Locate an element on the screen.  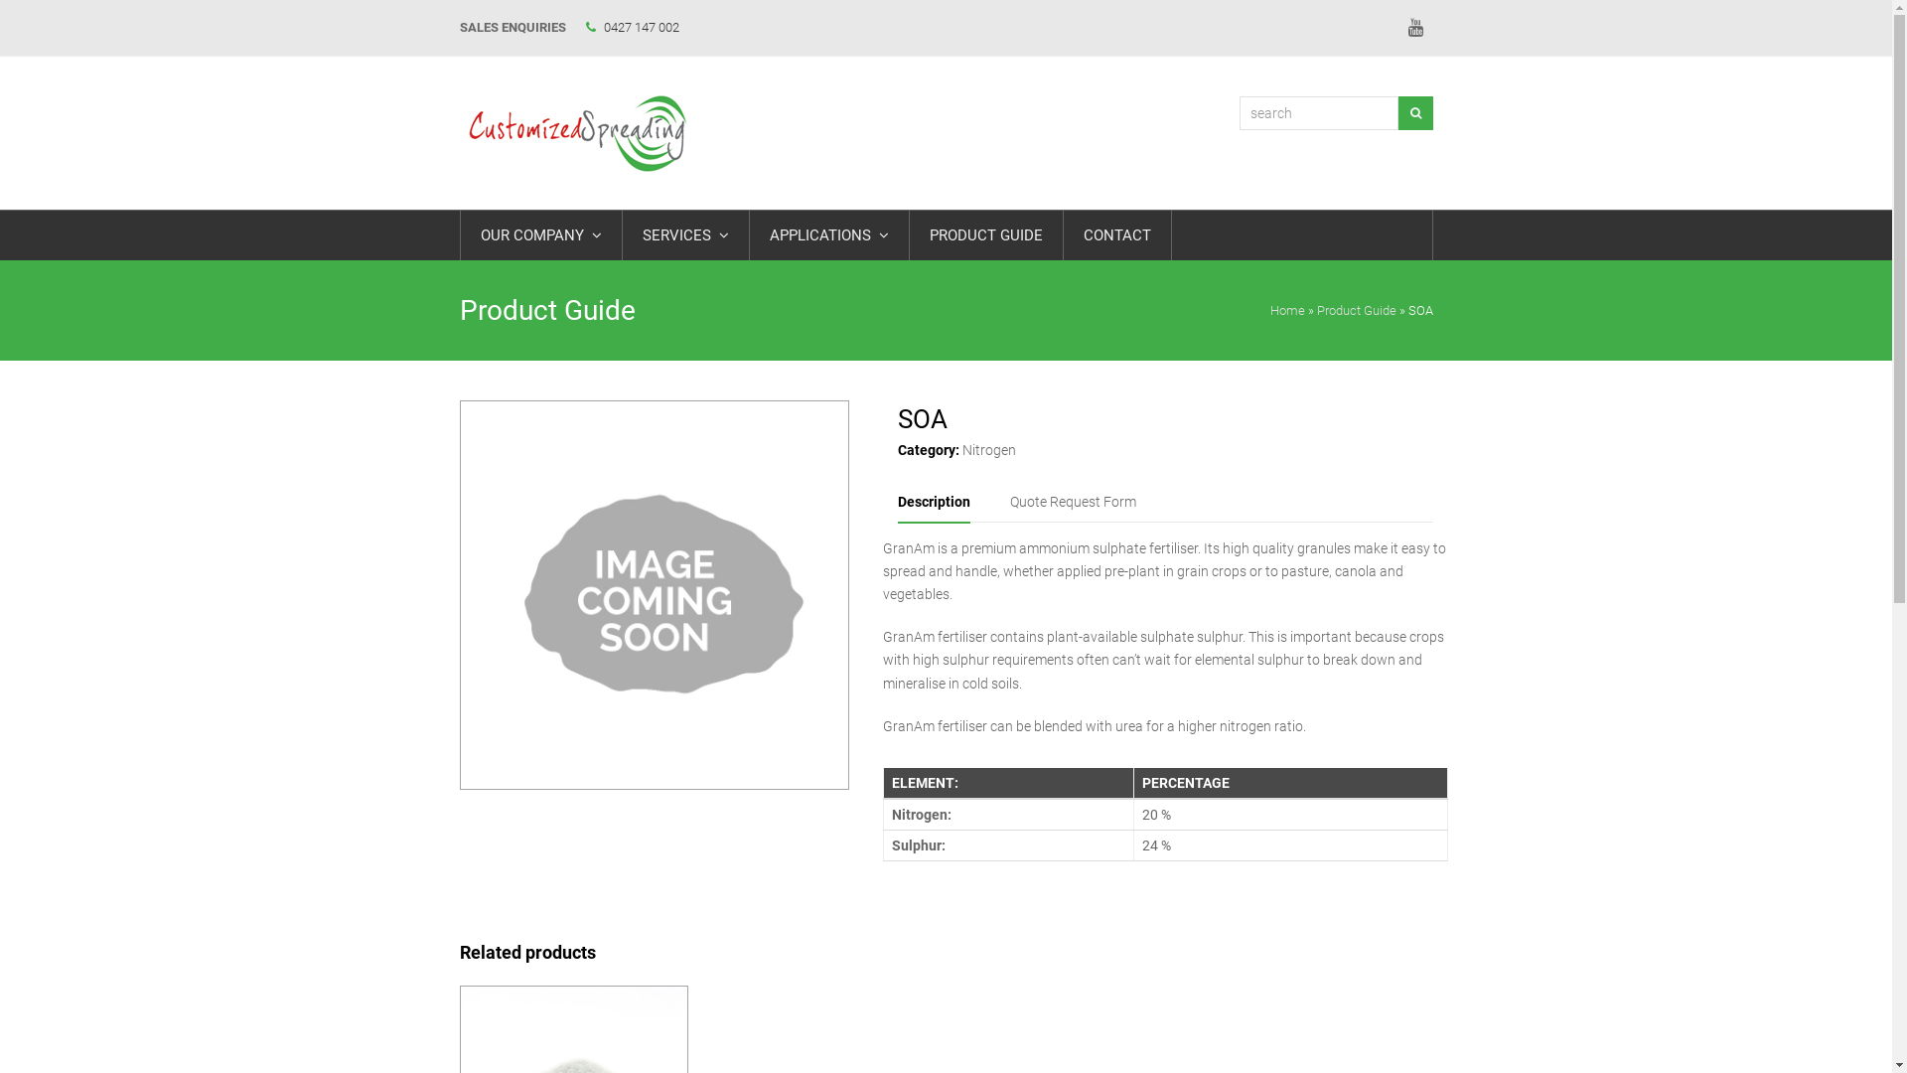
'Nitrogen' is located at coordinates (987, 449).